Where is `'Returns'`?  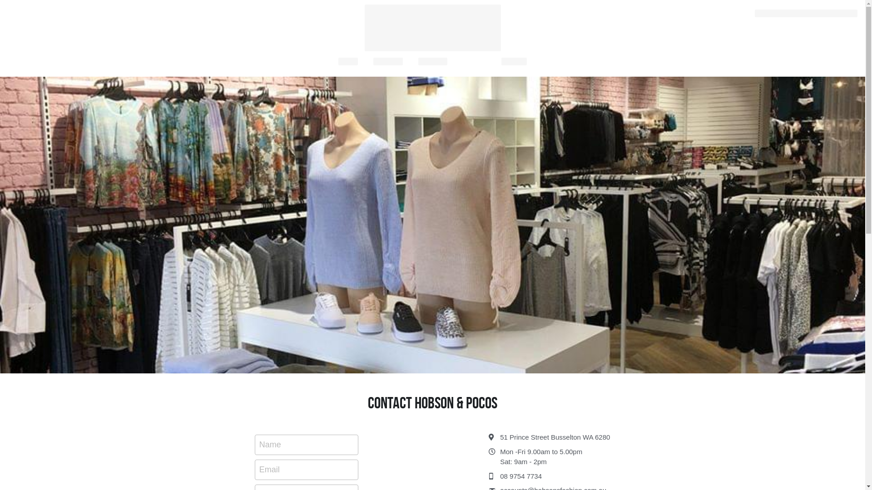 'Returns' is located at coordinates (514, 61).